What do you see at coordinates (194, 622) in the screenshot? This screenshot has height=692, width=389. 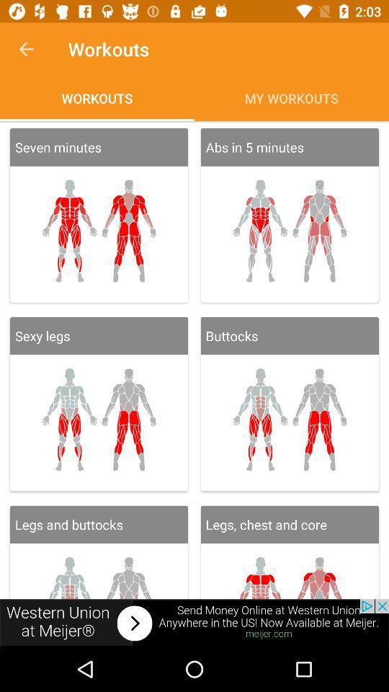 I see `open advertisement` at bounding box center [194, 622].